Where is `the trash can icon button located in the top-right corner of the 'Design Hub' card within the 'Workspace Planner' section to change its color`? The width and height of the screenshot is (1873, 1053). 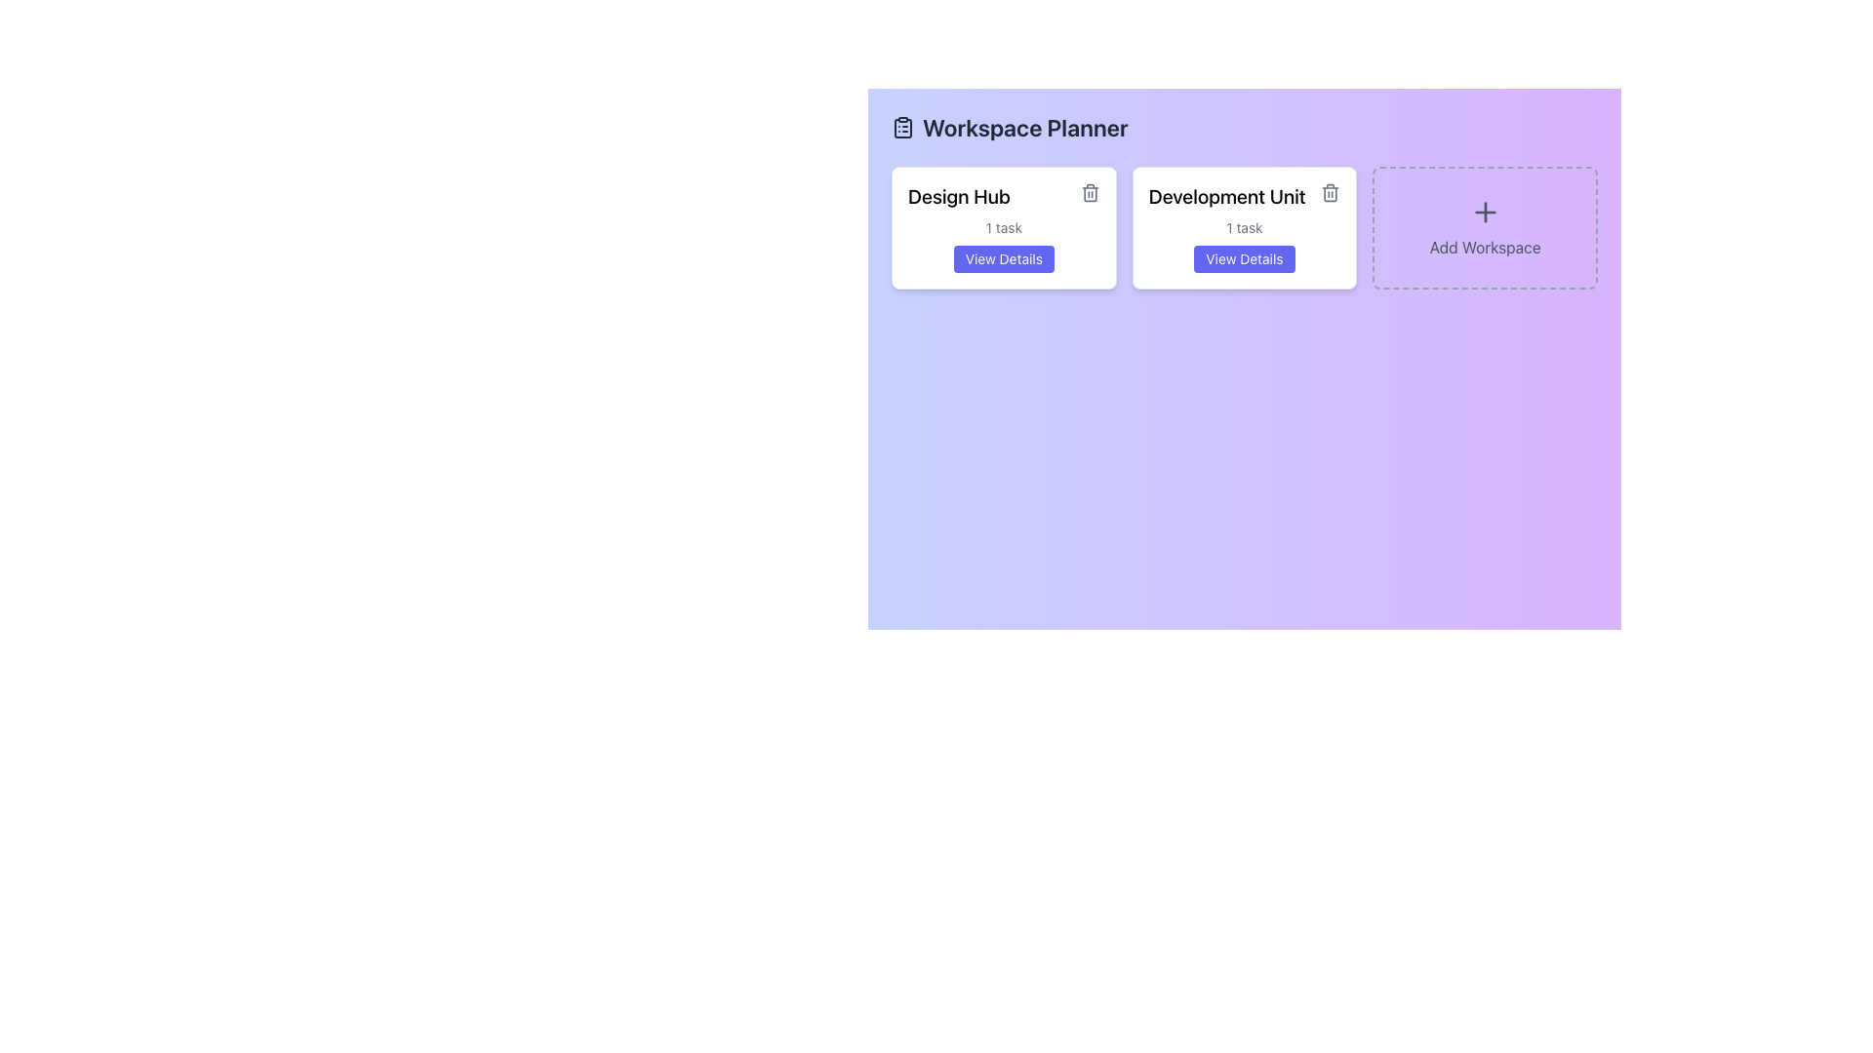
the trash can icon button located in the top-right corner of the 'Design Hub' card within the 'Workspace Planner' section to change its color is located at coordinates (1089, 192).